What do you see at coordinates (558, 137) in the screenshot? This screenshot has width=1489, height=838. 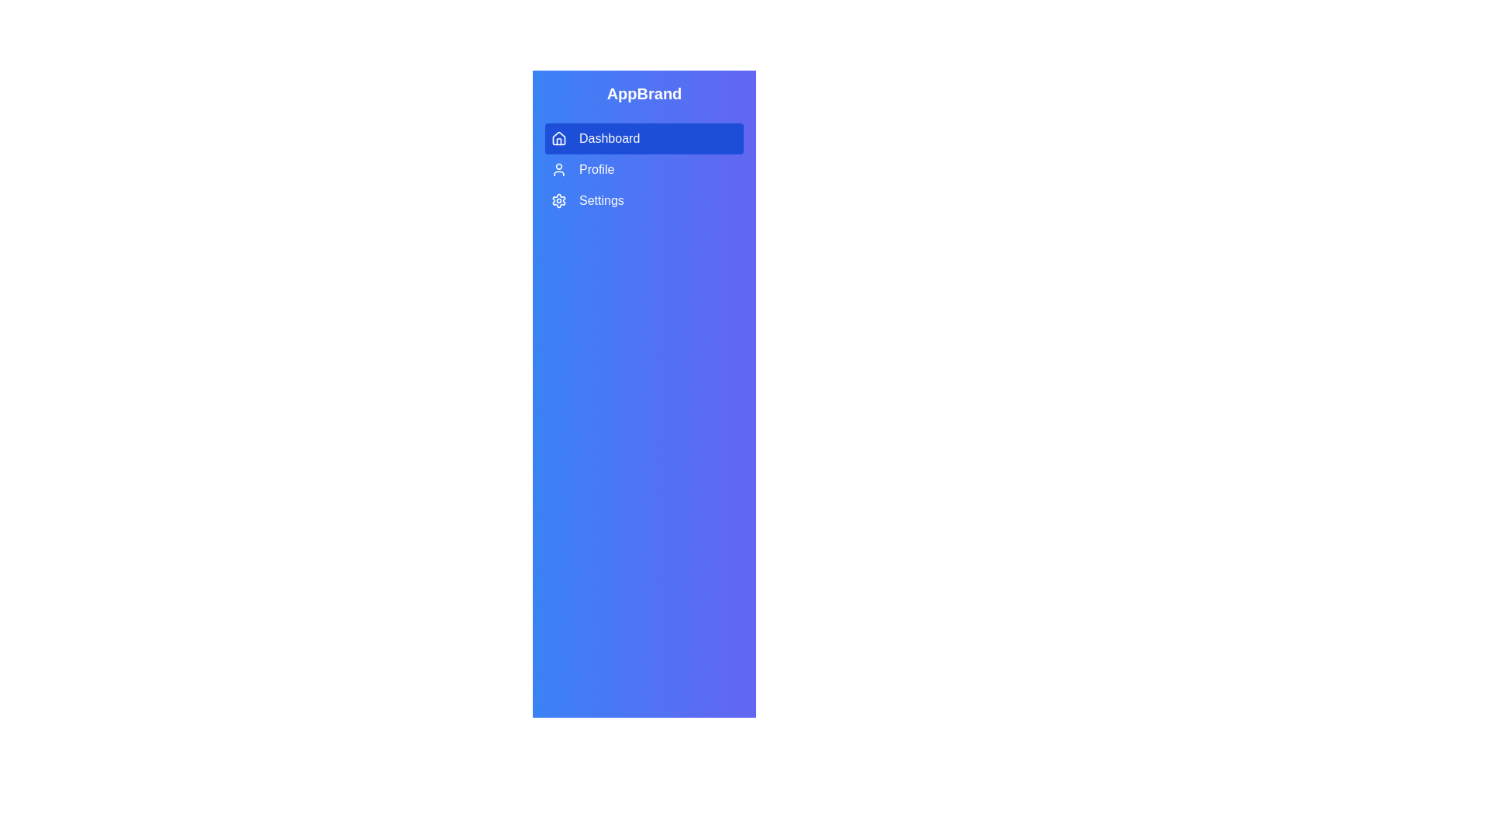 I see `the 'Dashboard' icon in the sidebar menu, which serves as a navigation element to the dashboard section` at bounding box center [558, 137].